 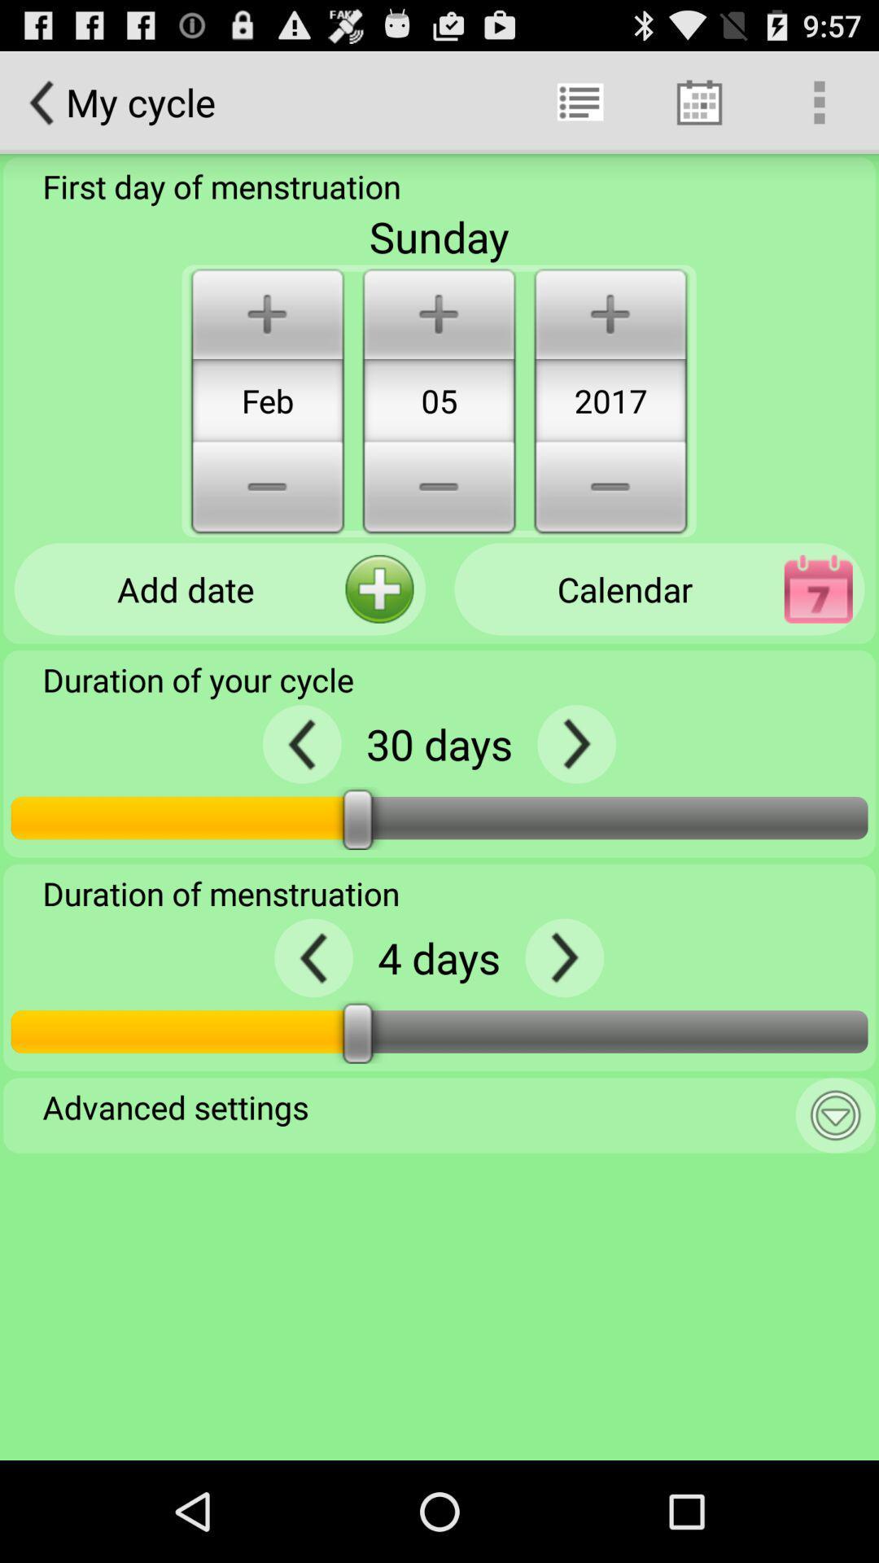 I want to click on the setting box, so click(x=835, y=1114).